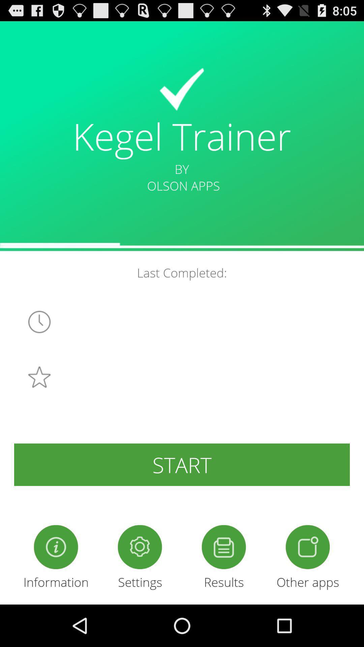 The width and height of the screenshot is (364, 647). Describe the element at coordinates (140, 585) in the screenshot. I see `the settings icon` at that location.